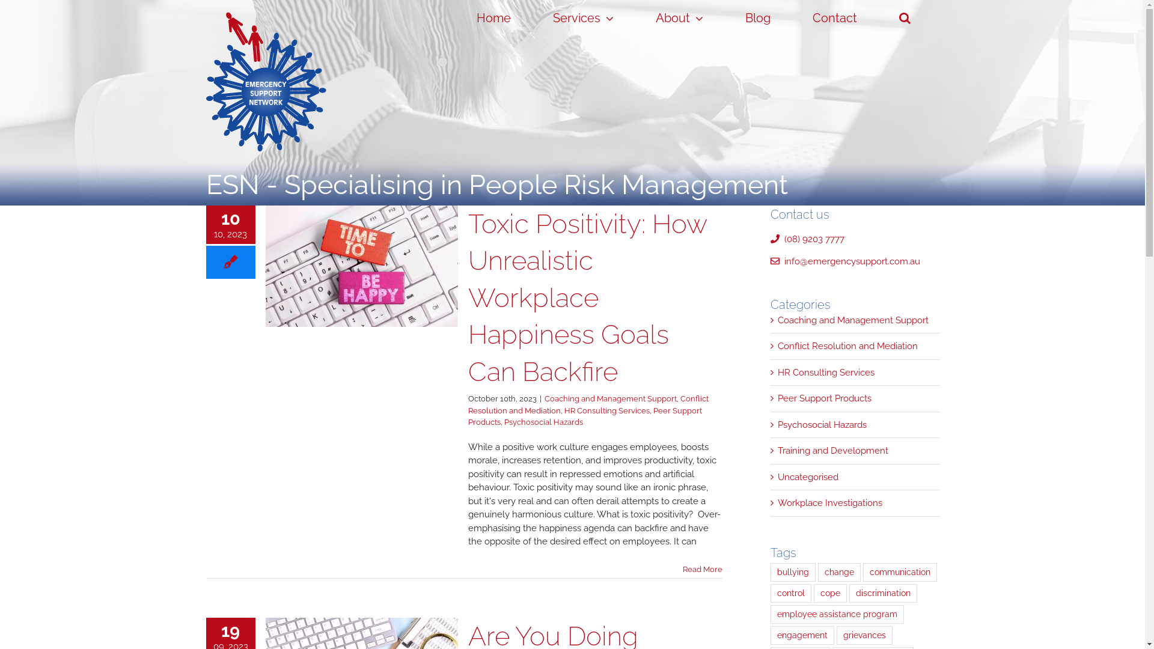 This screenshot has width=1154, height=649. Describe the element at coordinates (778, 346) in the screenshot. I see `'Conflict Resolution and Mediation'` at that location.